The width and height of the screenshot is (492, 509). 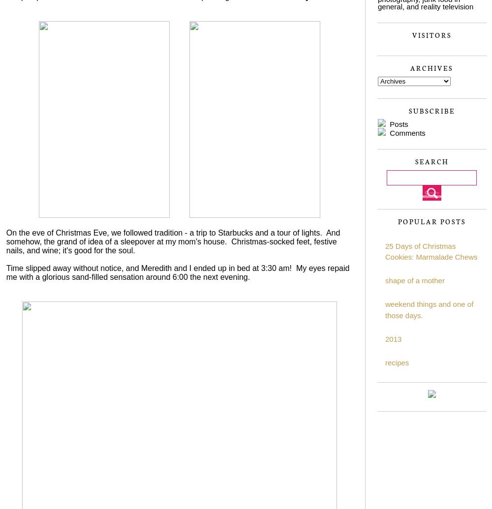 I want to click on 'Search', so click(x=431, y=161).